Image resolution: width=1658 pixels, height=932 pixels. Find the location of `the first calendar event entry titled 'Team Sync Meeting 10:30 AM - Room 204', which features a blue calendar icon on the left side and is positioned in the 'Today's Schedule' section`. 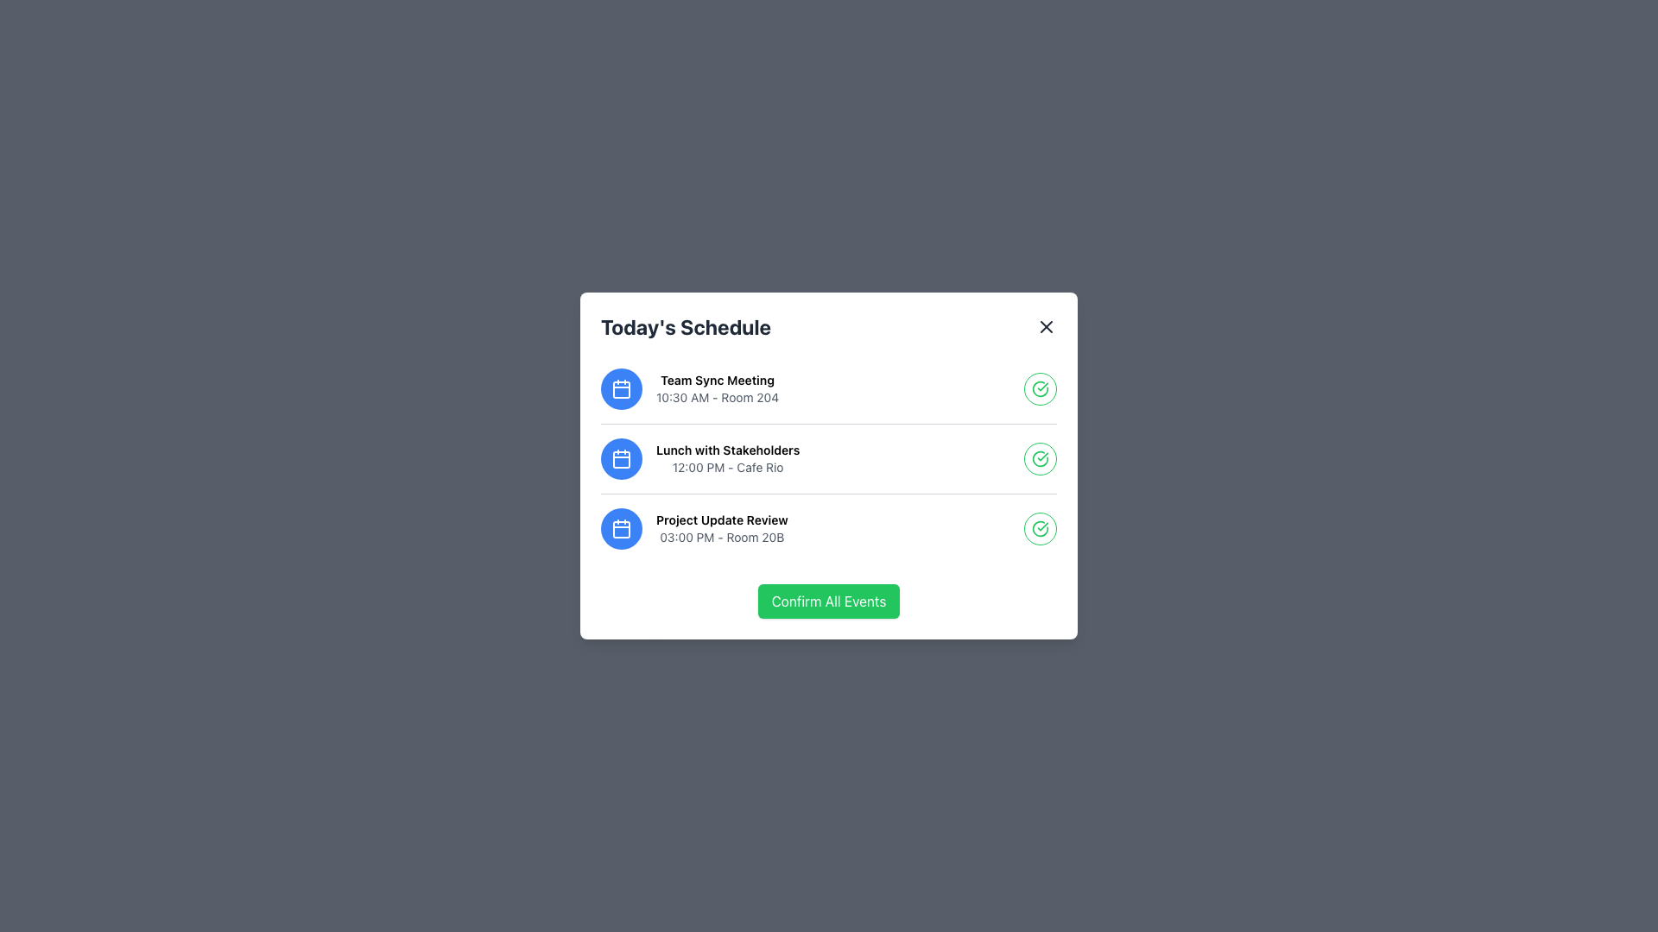

the first calendar event entry titled 'Team Sync Meeting 10:30 AM - Room 204', which features a blue calendar icon on the left side and is positioned in the 'Today's Schedule' section is located at coordinates (689, 389).